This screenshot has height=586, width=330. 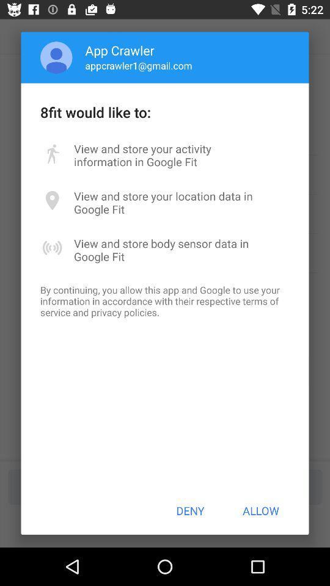 I want to click on icon next to app crawler item, so click(x=56, y=57).